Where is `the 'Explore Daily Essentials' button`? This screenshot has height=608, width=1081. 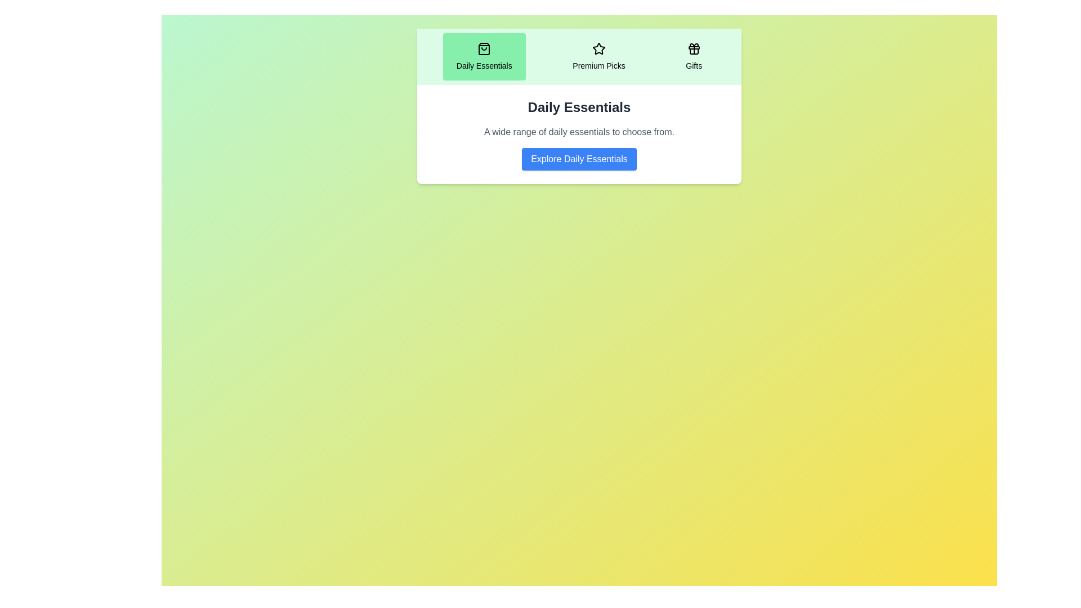
the 'Explore Daily Essentials' button is located at coordinates (579, 159).